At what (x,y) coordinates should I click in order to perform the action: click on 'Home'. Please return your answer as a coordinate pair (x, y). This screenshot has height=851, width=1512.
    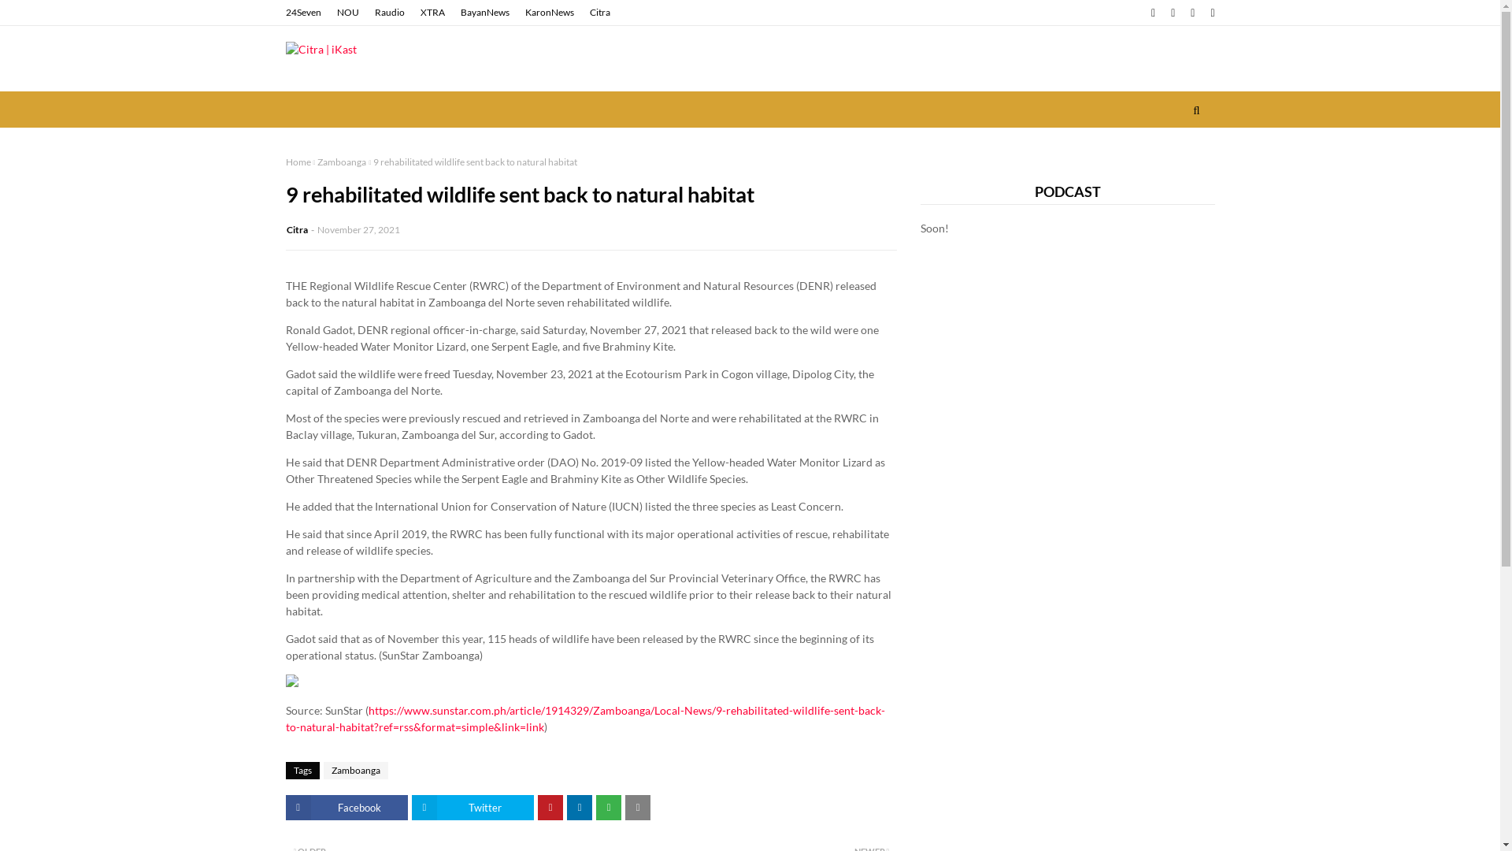
    Looking at the image, I should click on (298, 162).